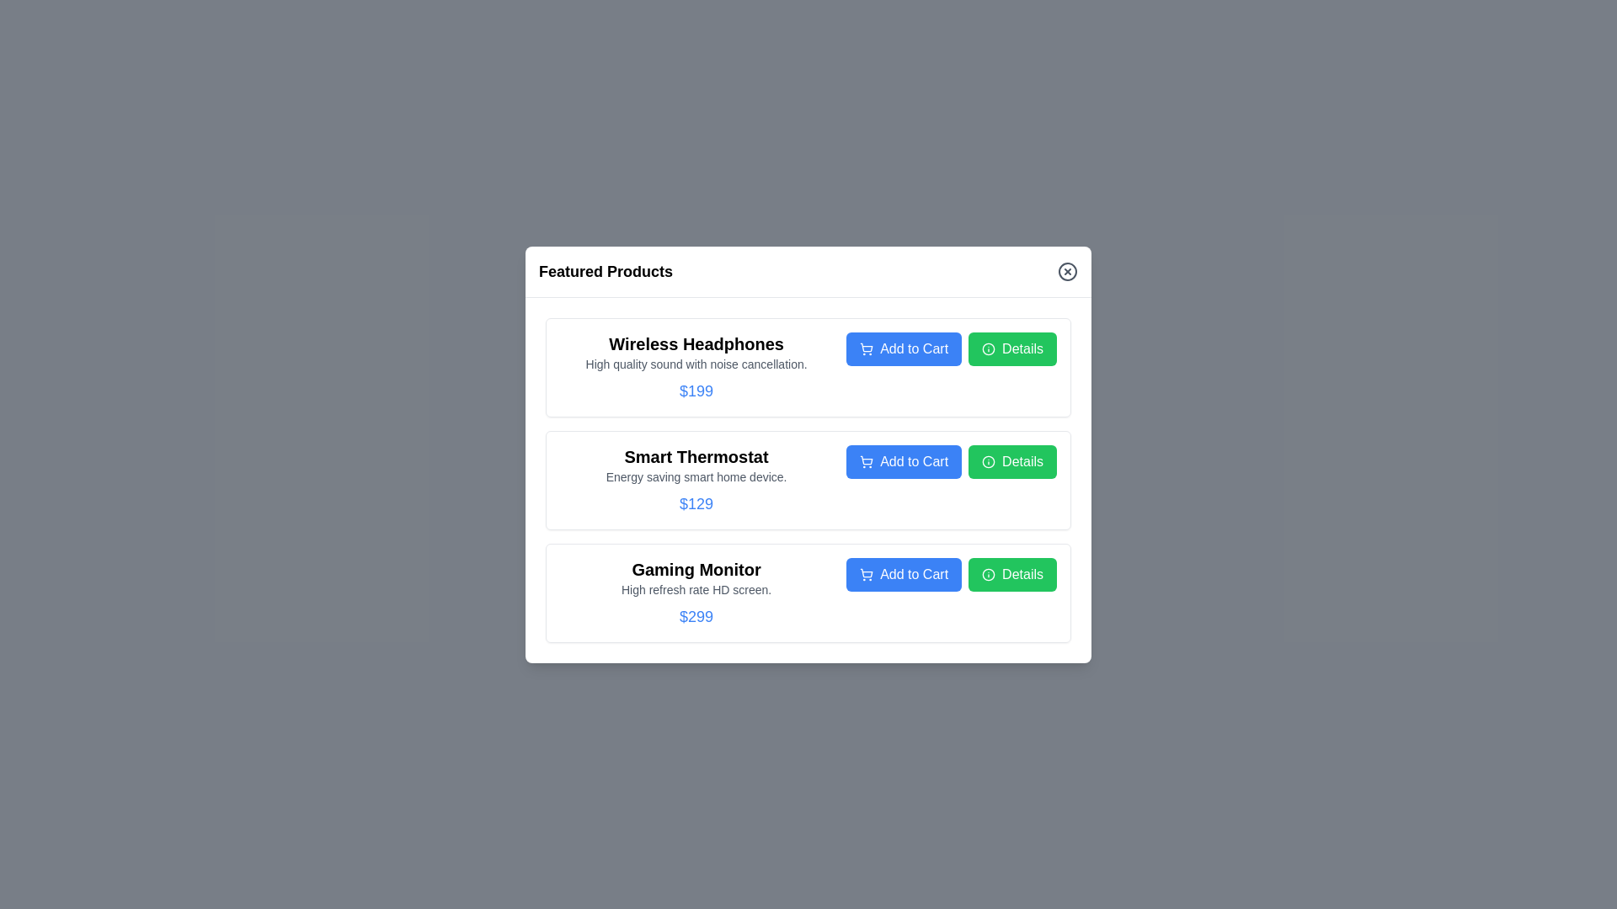 The height and width of the screenshot is (909, 1617). What do you see at coordinates (903, 573) in the screenshot?
I see `'Add to Cart' button for the product Gaming Monitor` at bounding box center [903, 573].